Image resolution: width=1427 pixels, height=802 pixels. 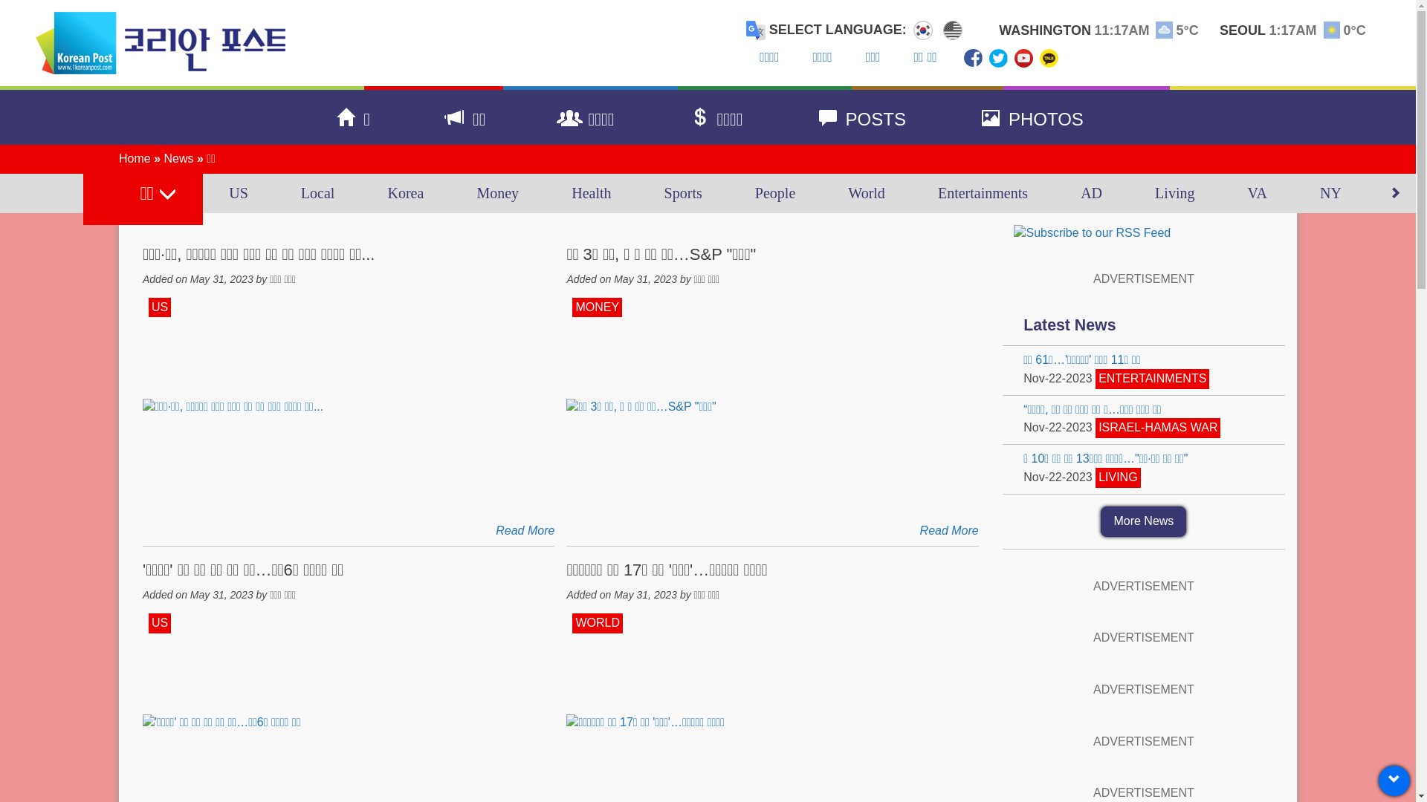 I want to click on 'AD', so click(x=1091, y=193).